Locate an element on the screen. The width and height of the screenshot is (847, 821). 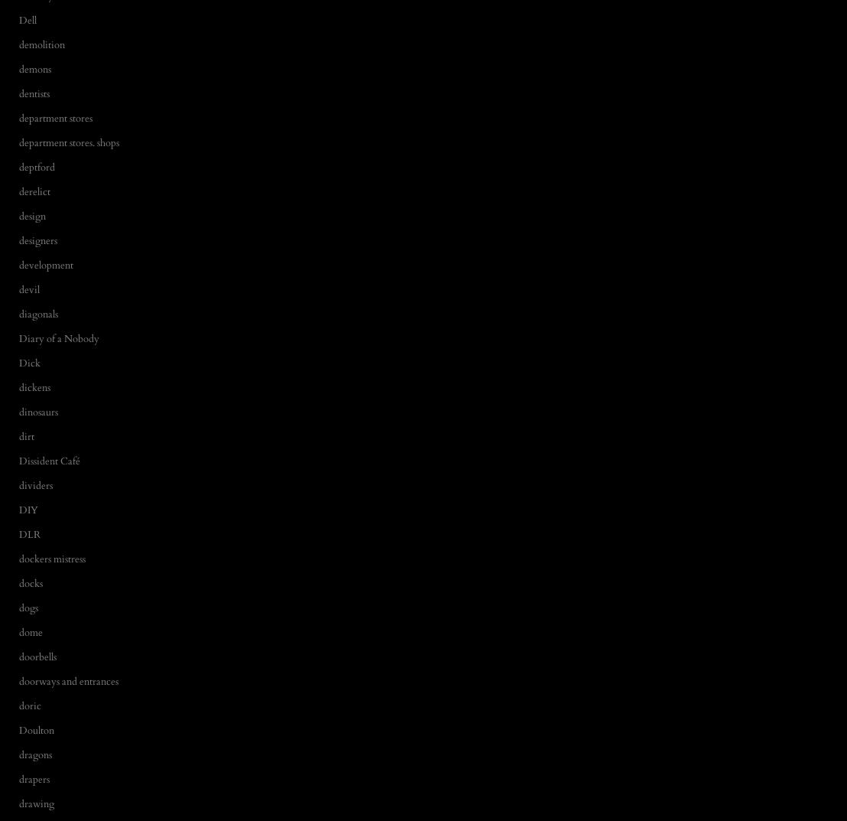
'demolition' is located at coordinates (41, 44).